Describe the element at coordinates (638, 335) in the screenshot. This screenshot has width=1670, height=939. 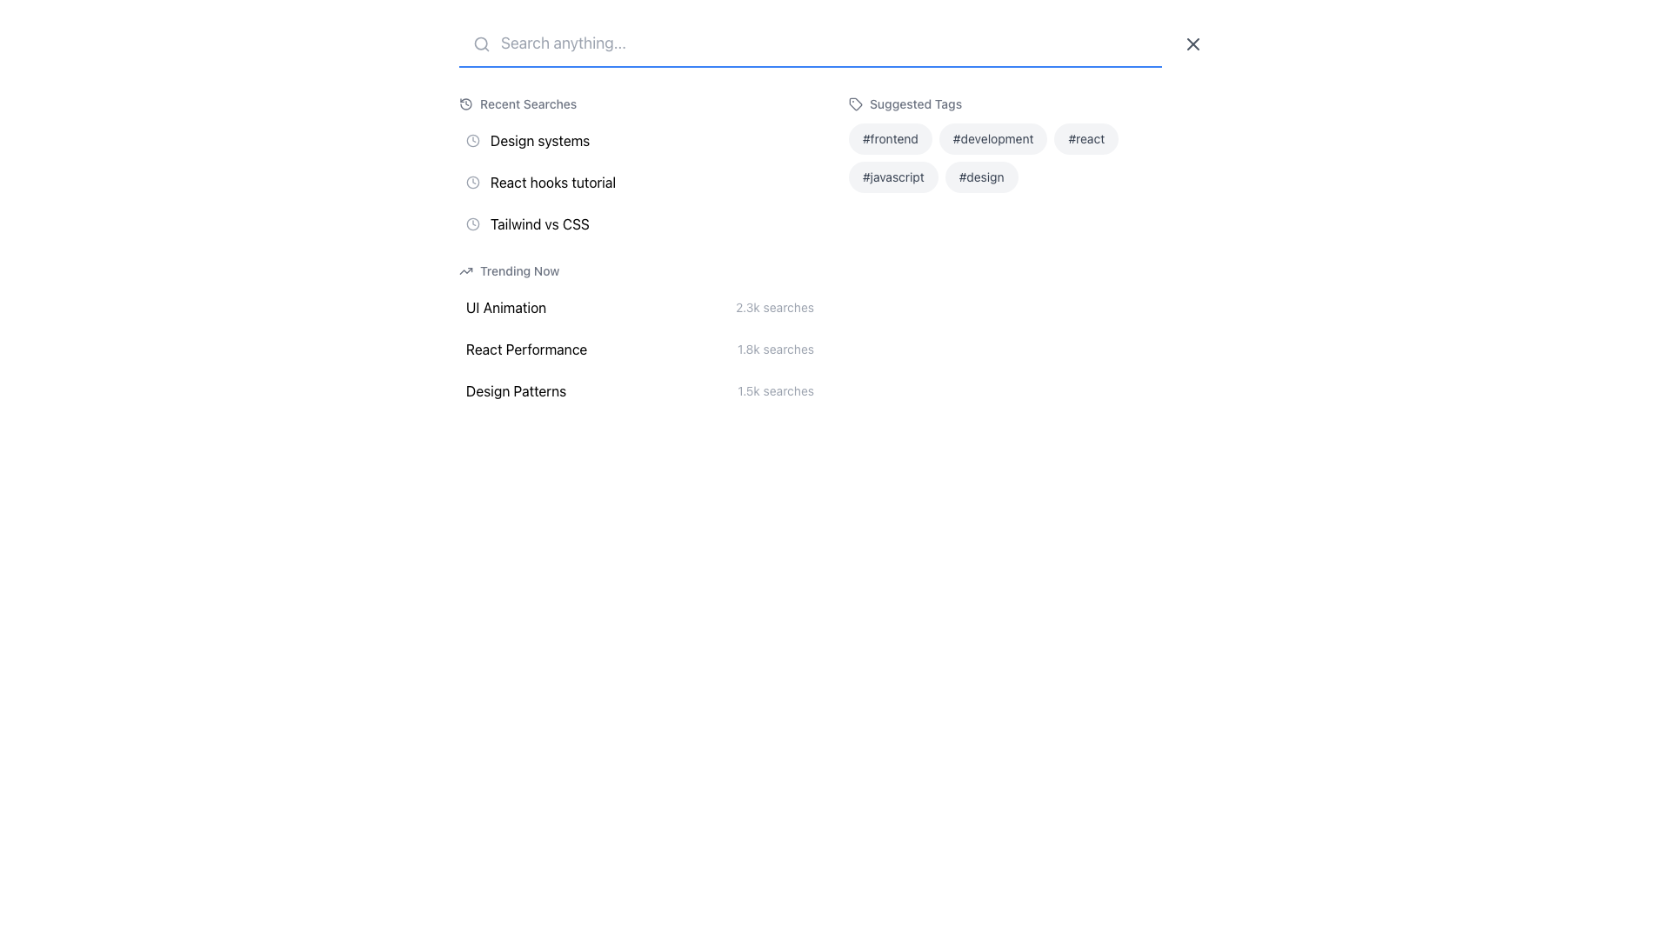
I see `the second entry in the 'Trending Now' list that highlights the popularity of 'React Performance' with 1.8k searches` at that location.